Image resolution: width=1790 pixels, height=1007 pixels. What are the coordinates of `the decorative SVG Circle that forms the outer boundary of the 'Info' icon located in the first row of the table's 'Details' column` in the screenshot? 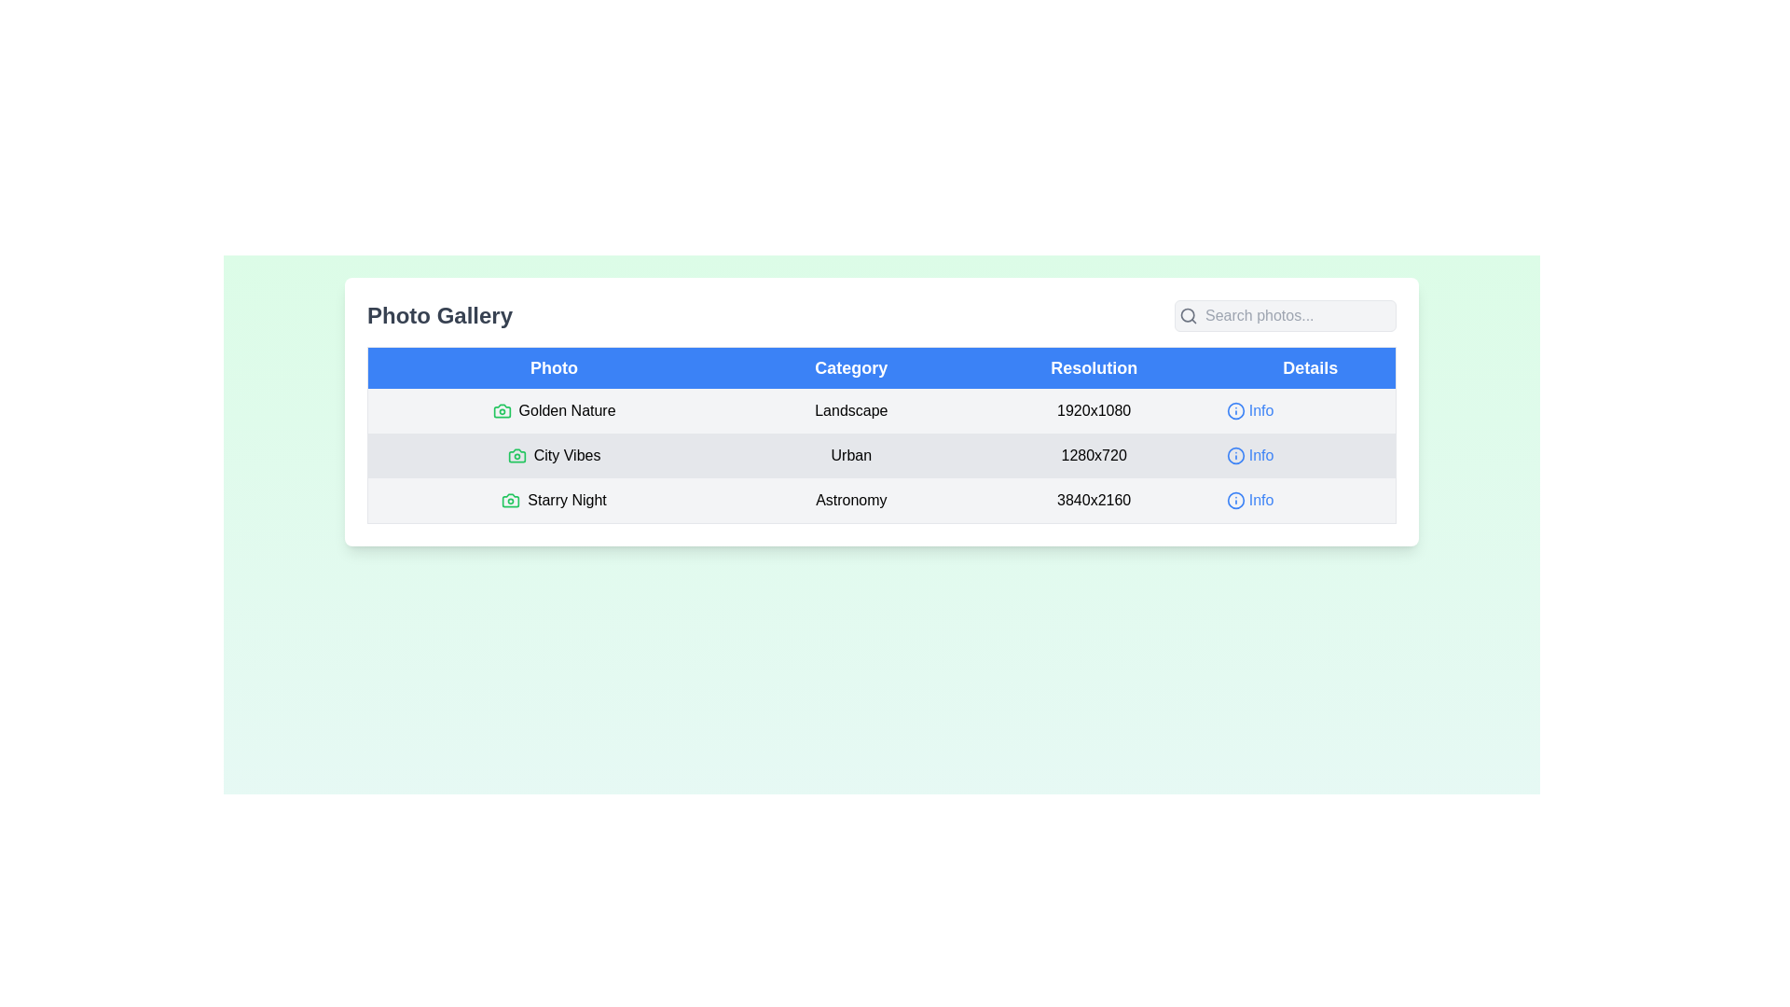 It's located at (1235, 409).